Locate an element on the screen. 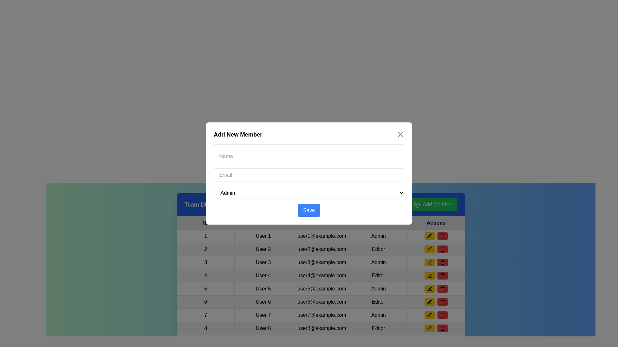 Image resolution: width=618 pixels, height=347 pixels. the fourth row of the user information table displaying details for 'User 4' is located at coordinates (321, 275).